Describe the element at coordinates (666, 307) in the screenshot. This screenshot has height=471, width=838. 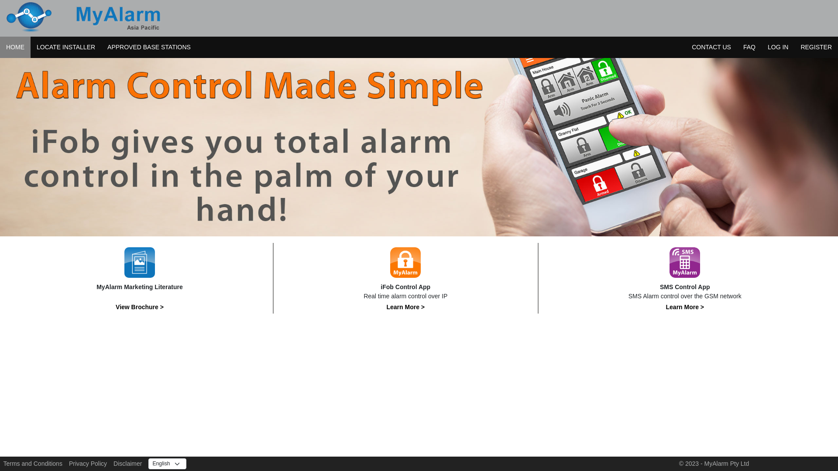
I see `'Learn More >'` at that location.